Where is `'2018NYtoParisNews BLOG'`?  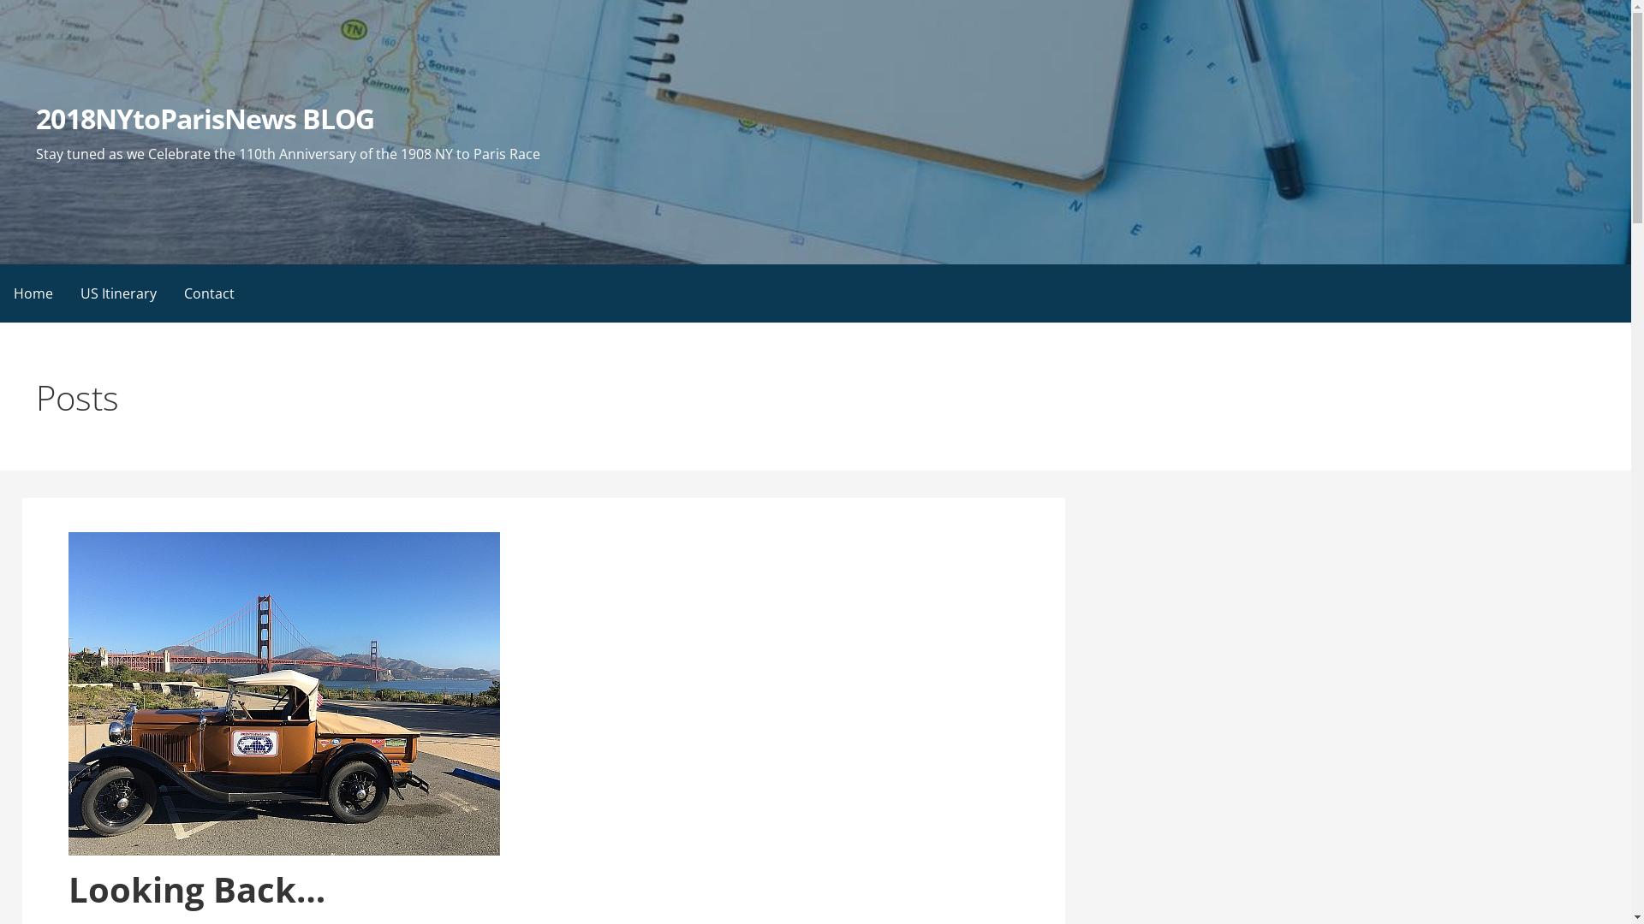
'2018NYtoParisNews BLOG' is located at coordinates (205, 117).